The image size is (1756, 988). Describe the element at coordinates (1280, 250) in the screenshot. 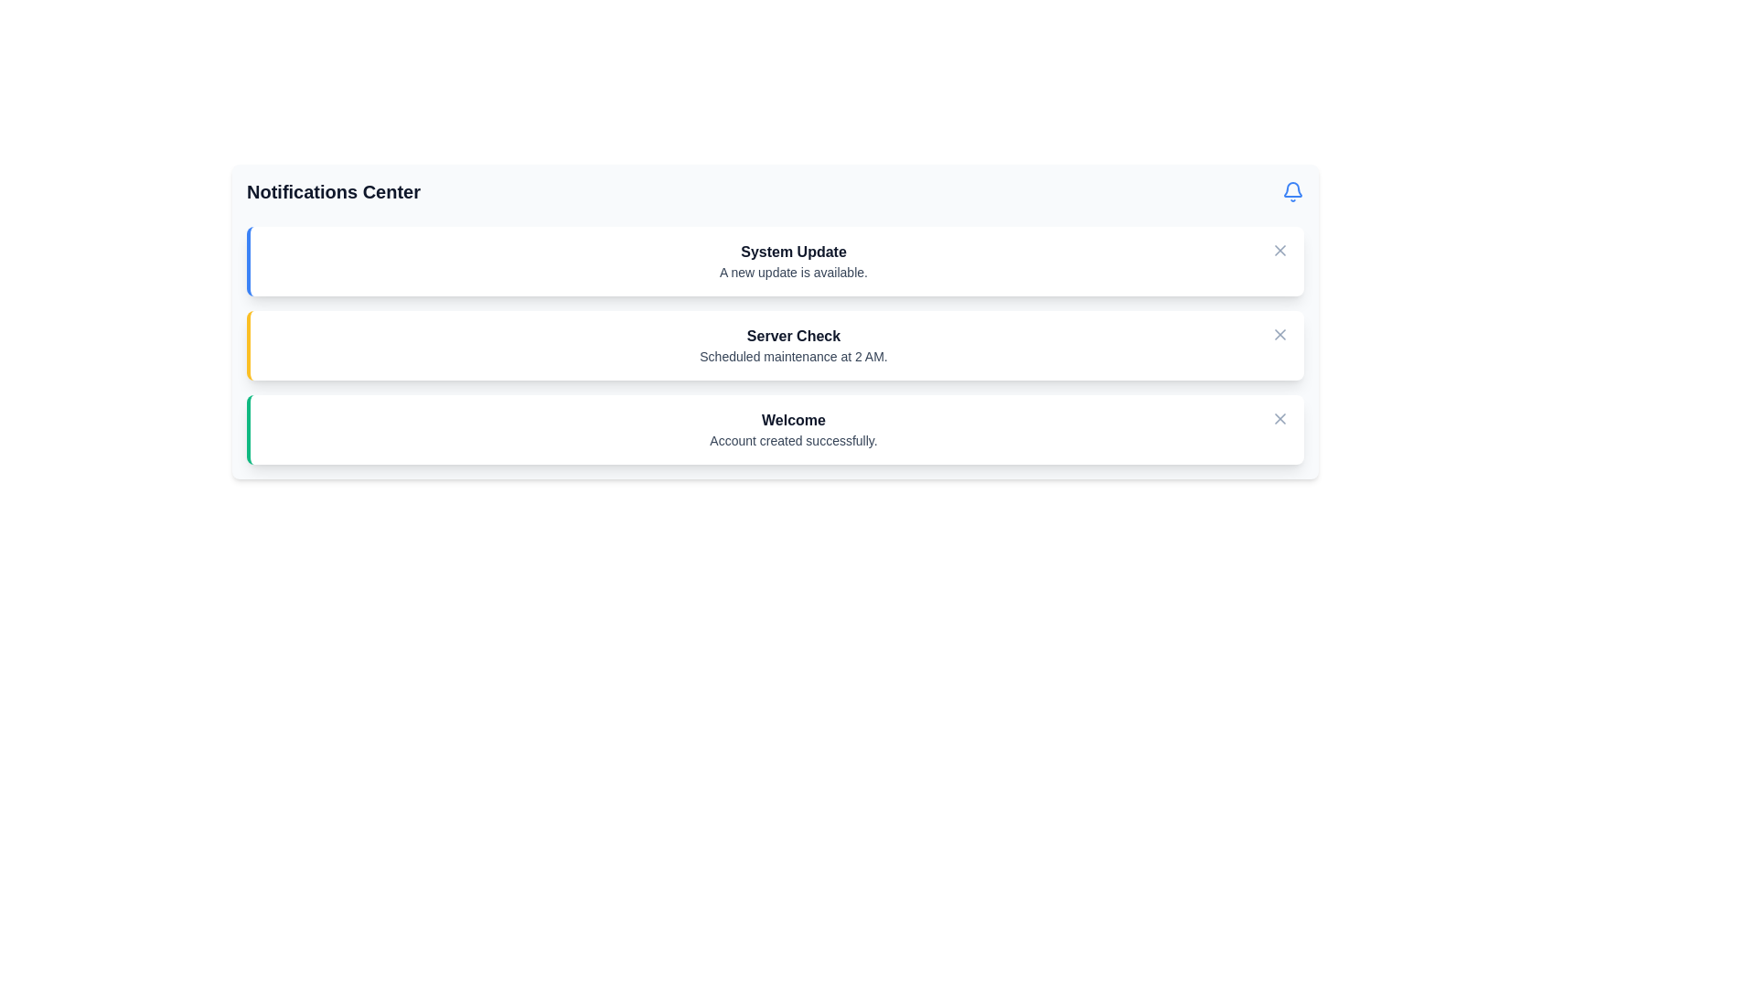

I see `the close button located at the top-right corner of the 'System Update' notification card to change its color` at that location.